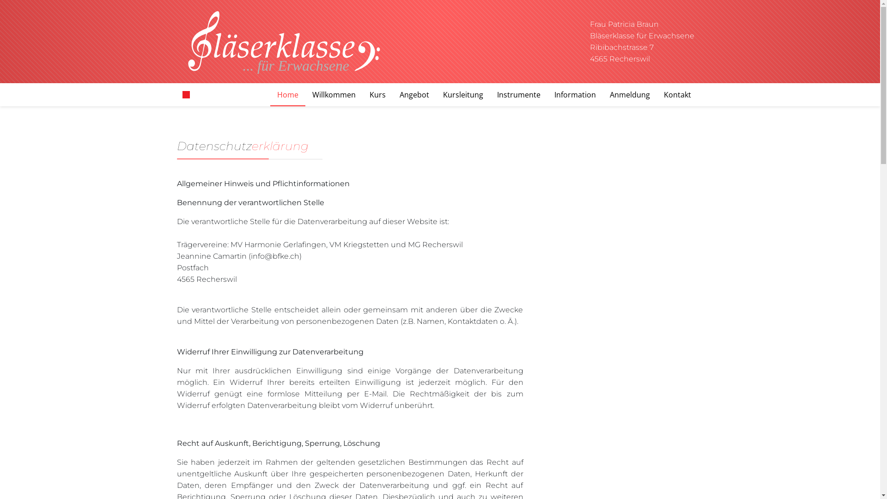 The image size is (887, 499). I want to click on 'Willkommen', so click(333, 94).